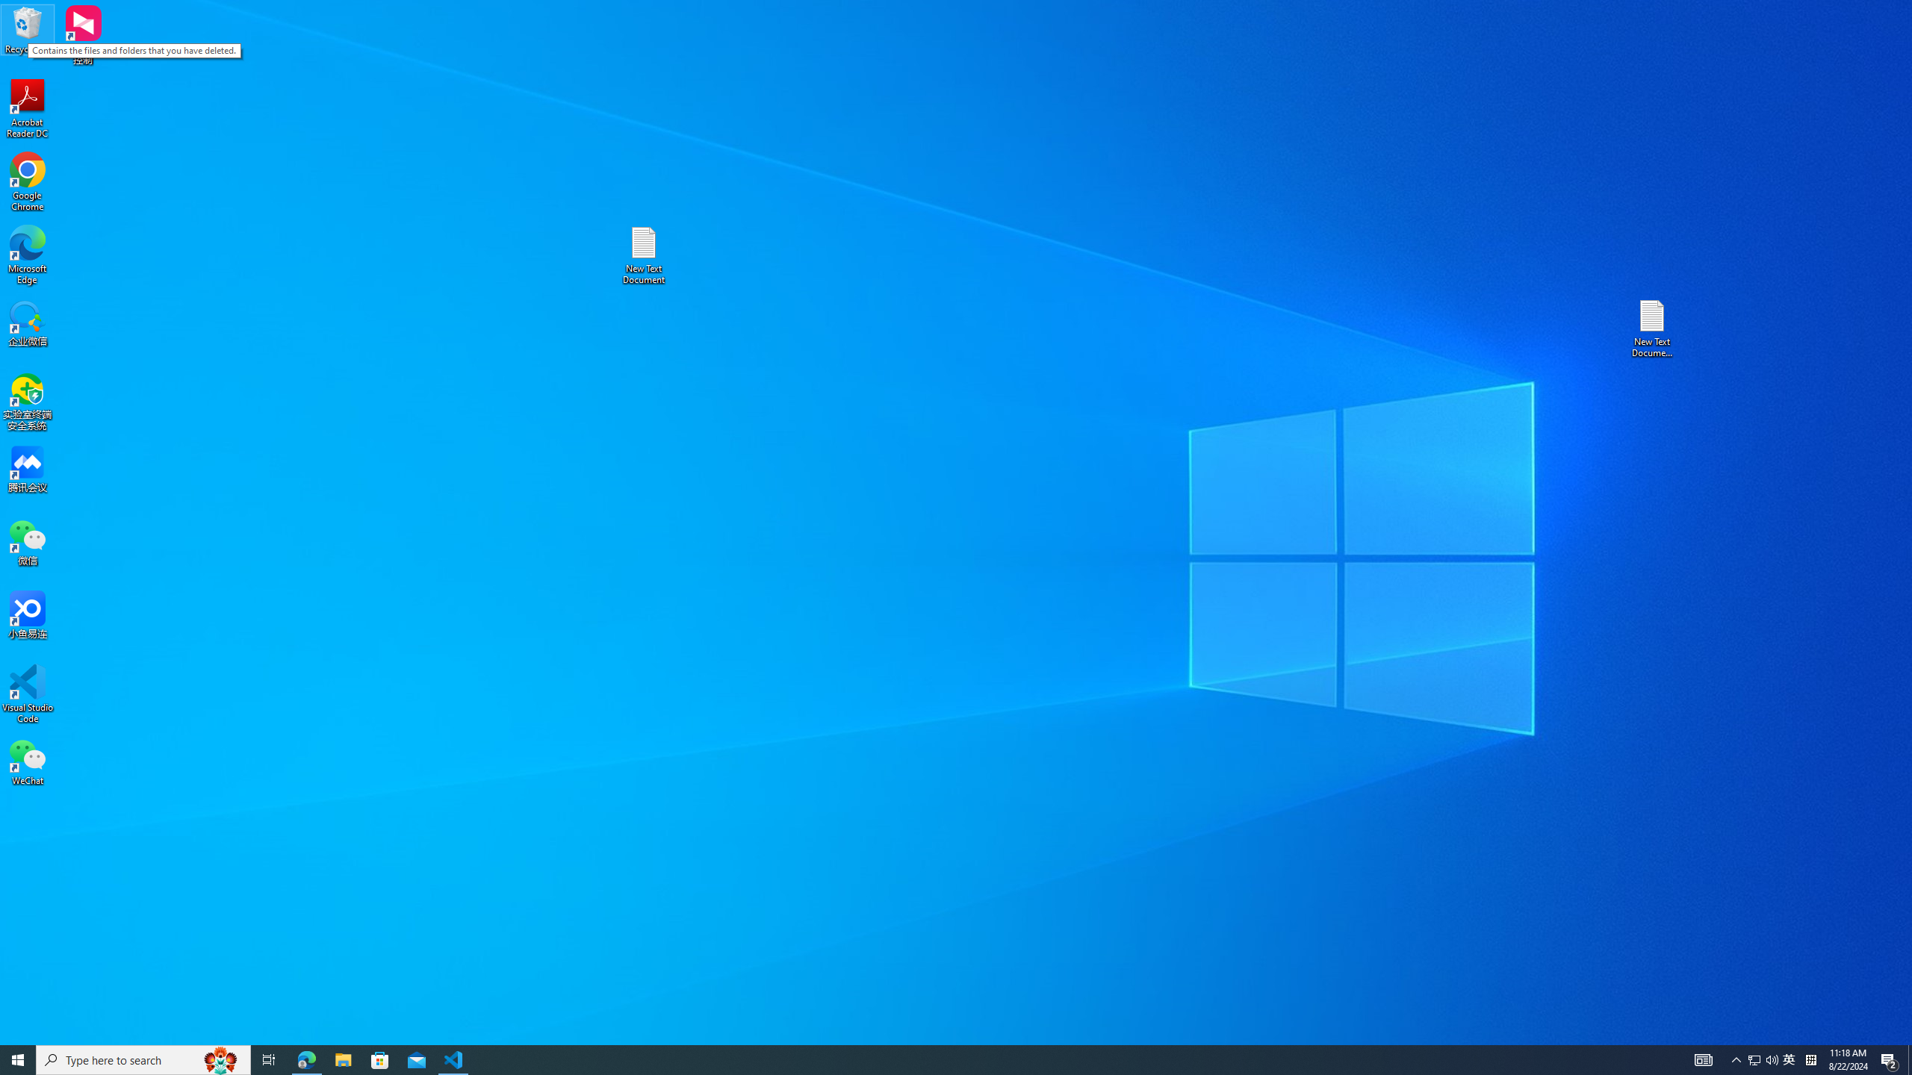 Image resolution: width=1912 pixels, height=1075 pixels. I want to click on 'New Text Document (2)', so click(1653, 327).